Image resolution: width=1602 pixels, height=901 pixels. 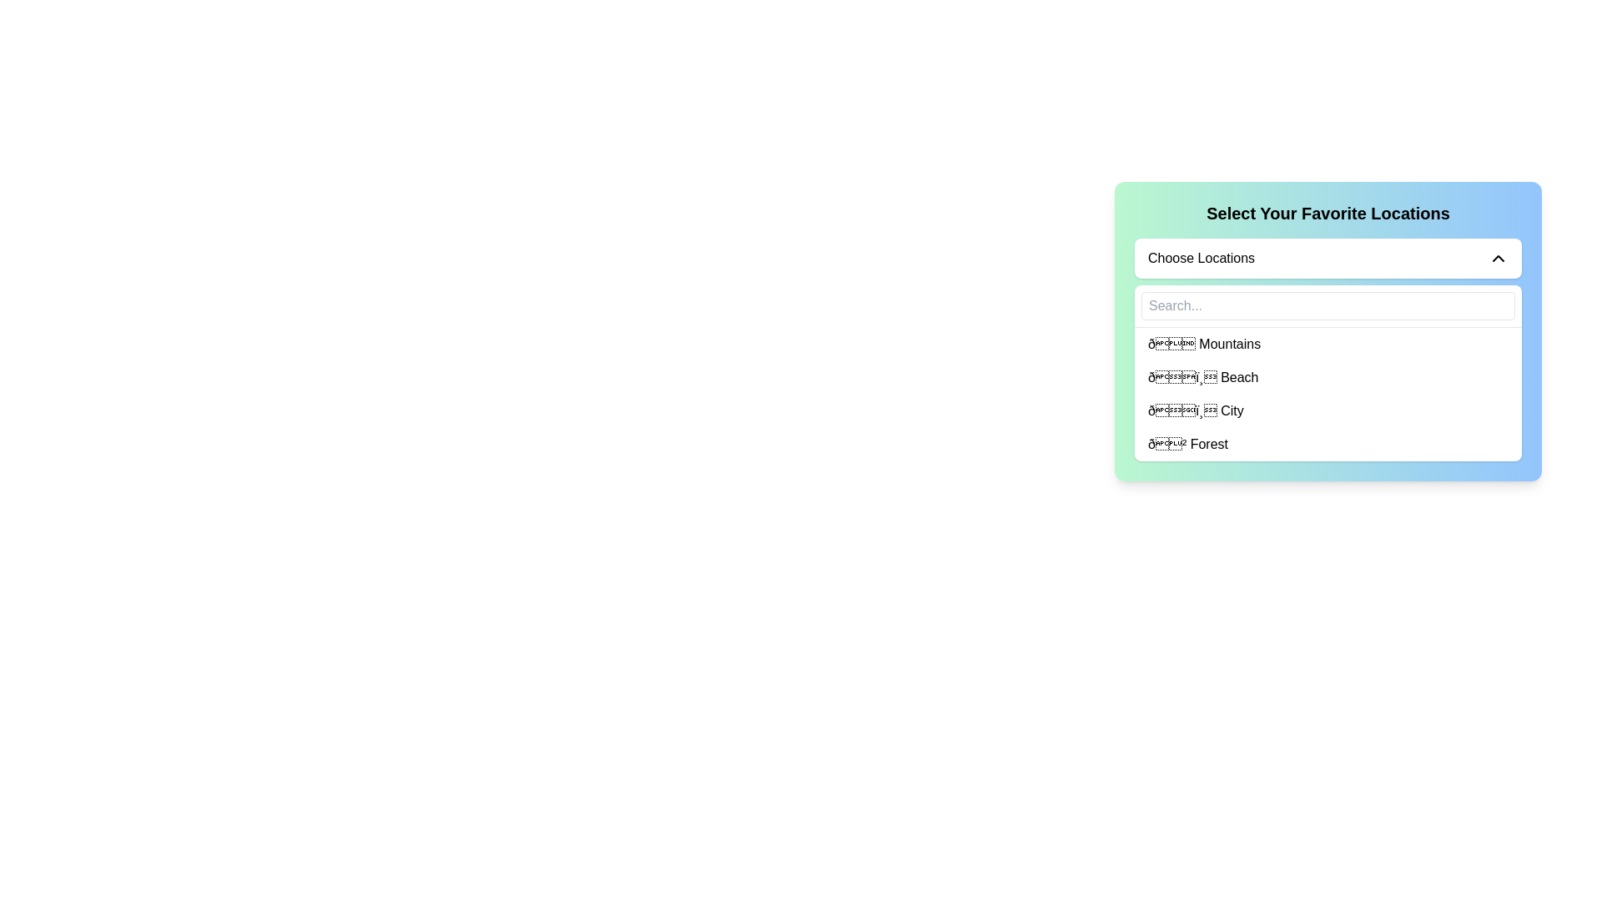 I want to click on the 'City' option in the dropdown list under 'Select Your Favorite Locations', which is the third item following 'Mountains' and 'Beach', so click(x=1327, y=411).